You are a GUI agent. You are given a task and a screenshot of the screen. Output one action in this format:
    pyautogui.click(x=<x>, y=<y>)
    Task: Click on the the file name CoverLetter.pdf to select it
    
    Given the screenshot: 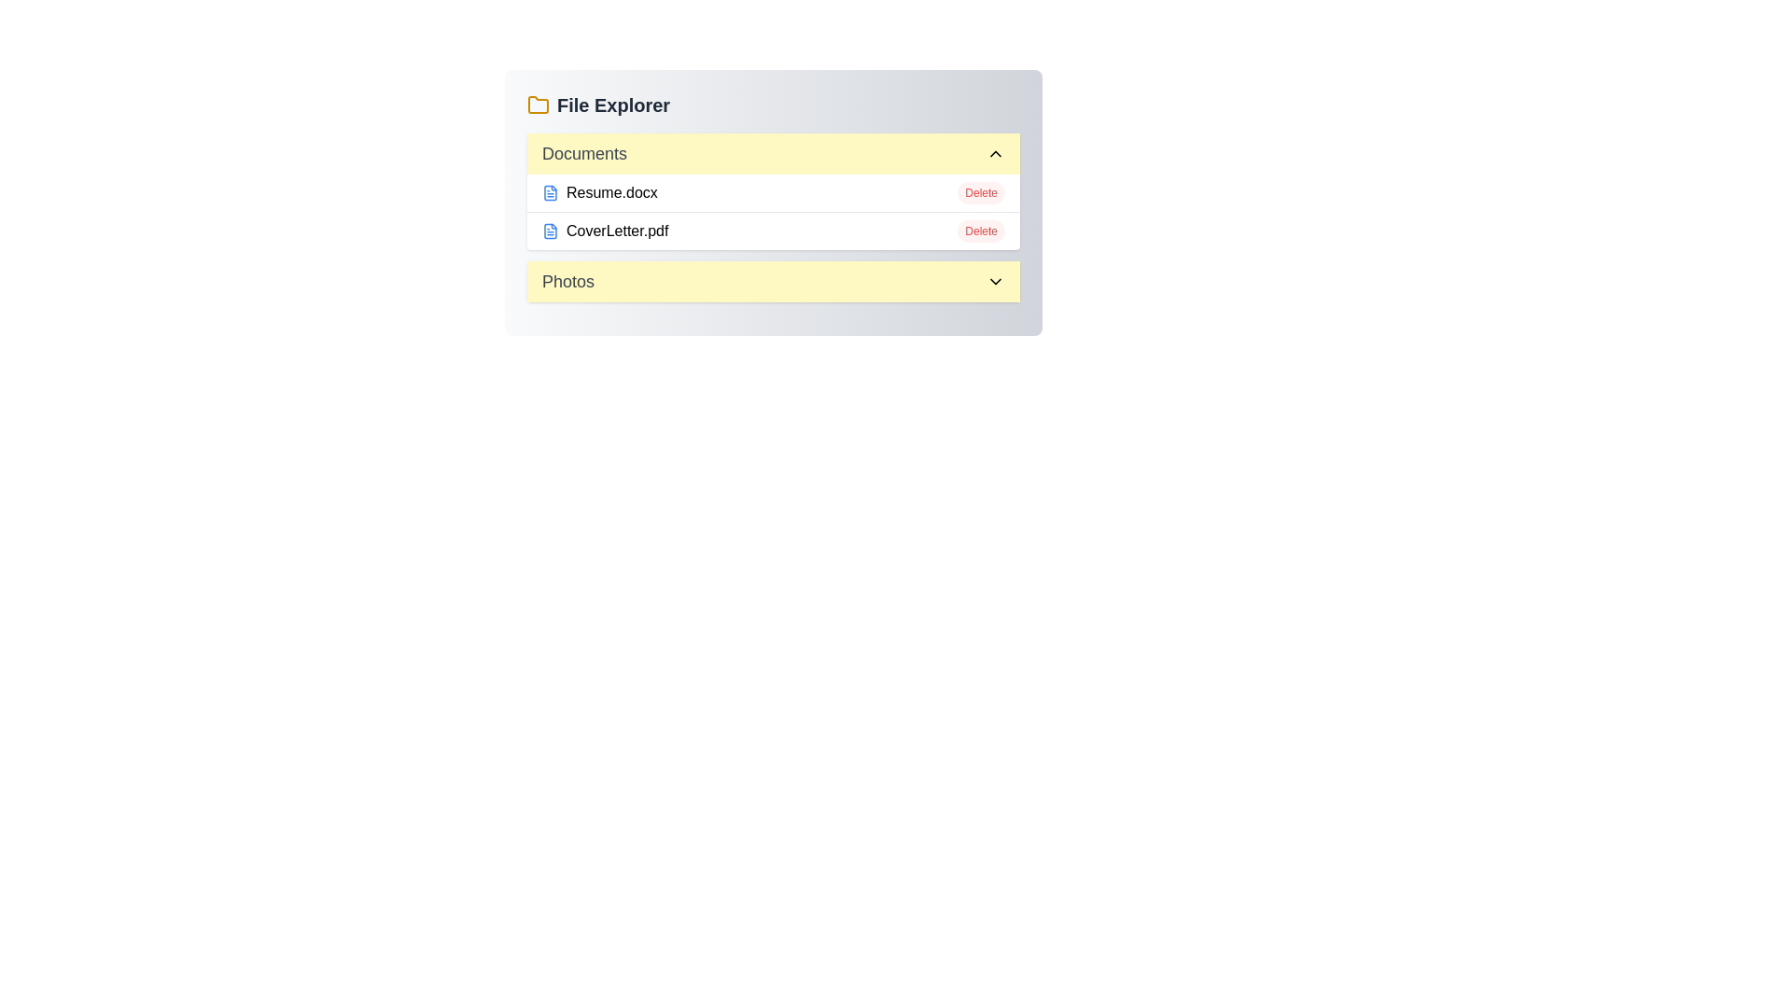 What is the action you would take?
    pyautogui.click(x=605, y=230)
    